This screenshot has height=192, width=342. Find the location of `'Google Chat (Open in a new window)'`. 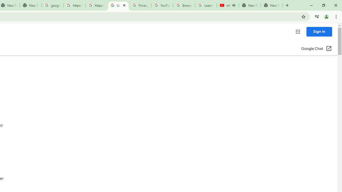

'Google Chat (Open in a new window)' is located at coordinates (316, 49).